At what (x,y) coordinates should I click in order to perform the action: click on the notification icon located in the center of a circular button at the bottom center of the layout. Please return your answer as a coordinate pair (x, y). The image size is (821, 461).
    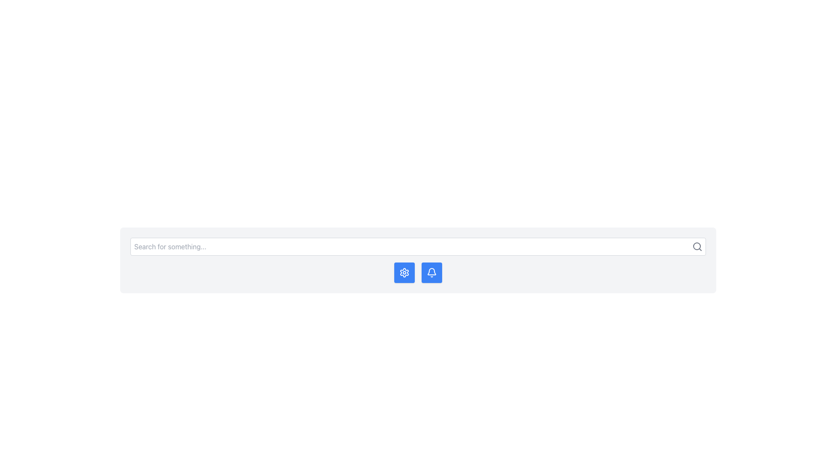
    Looking at the image, I should click on (431, 273).